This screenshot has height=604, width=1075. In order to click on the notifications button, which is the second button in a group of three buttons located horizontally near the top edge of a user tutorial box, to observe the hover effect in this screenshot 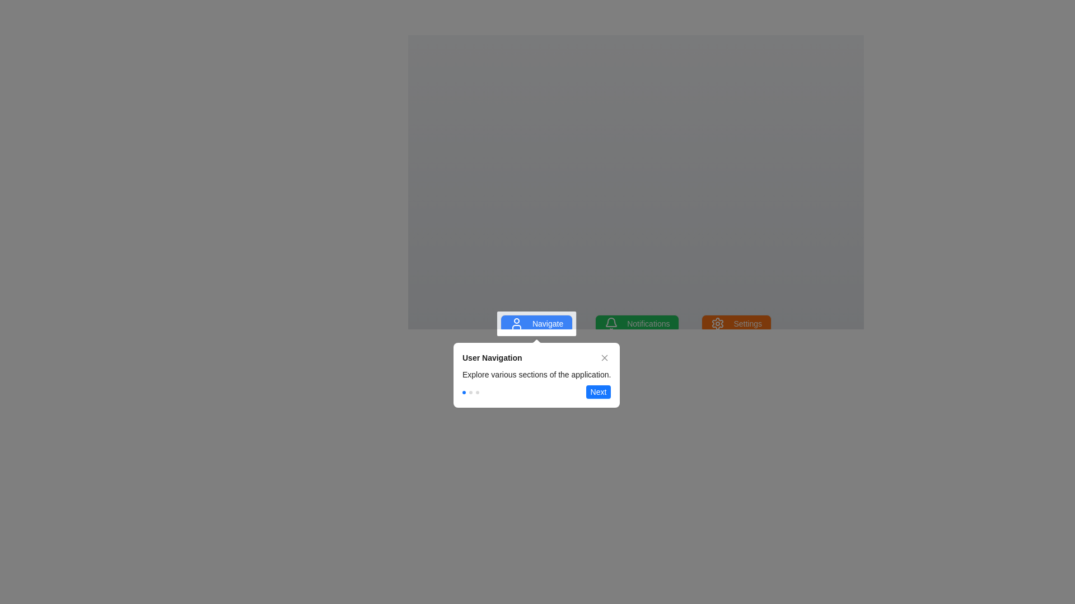, I will do `click(637, 323)`.